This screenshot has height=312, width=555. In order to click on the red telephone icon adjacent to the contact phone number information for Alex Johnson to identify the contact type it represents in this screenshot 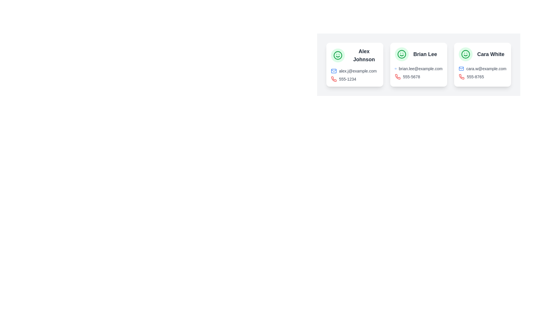, I will do `click(334, 79)`.